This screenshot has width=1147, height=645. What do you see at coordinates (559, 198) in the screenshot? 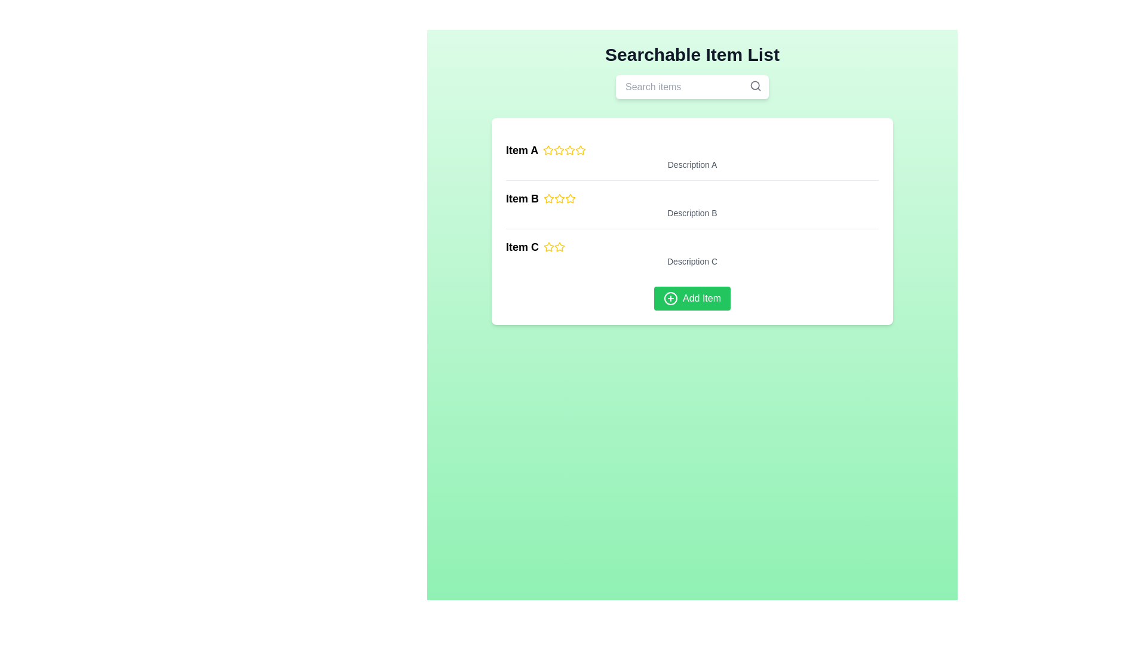
I see `the second star in the rating section to set a rating for 'Item B'` at bounding box center [559, 198].